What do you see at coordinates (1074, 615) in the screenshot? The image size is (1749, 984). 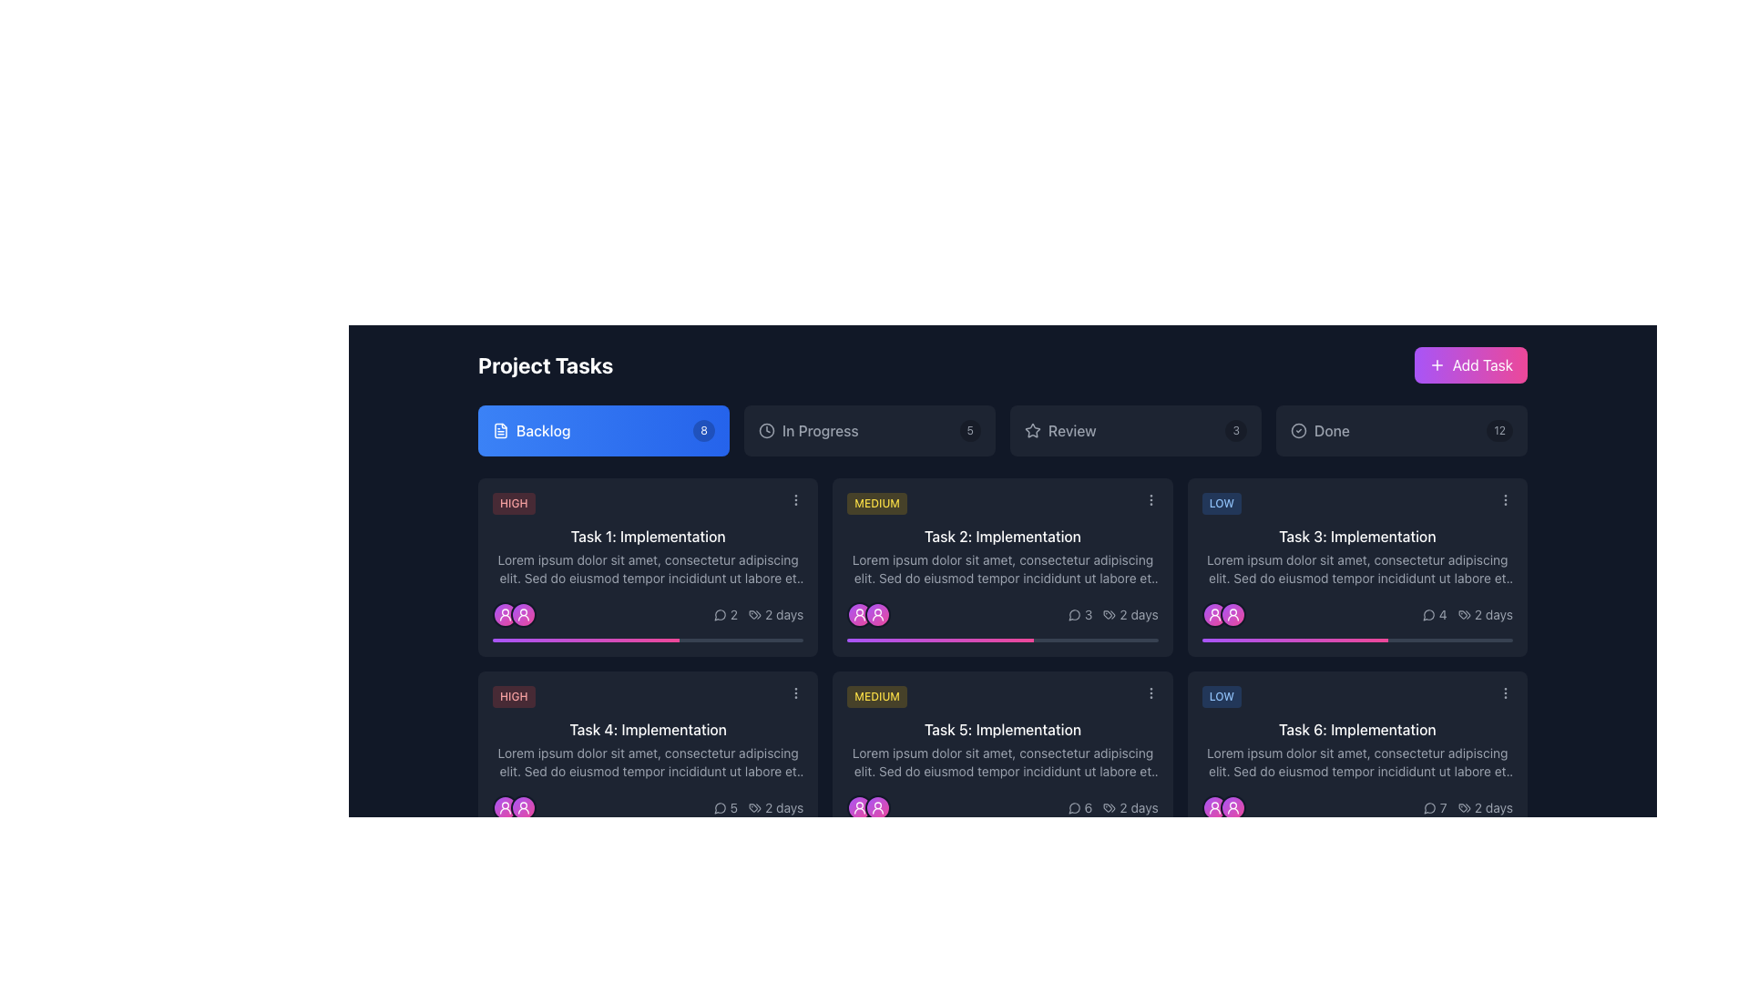 I see `the small circular speech bubble icon outlined in light tone, located inside the Task 2: Implementation card` at bounding box center [1074, 615].